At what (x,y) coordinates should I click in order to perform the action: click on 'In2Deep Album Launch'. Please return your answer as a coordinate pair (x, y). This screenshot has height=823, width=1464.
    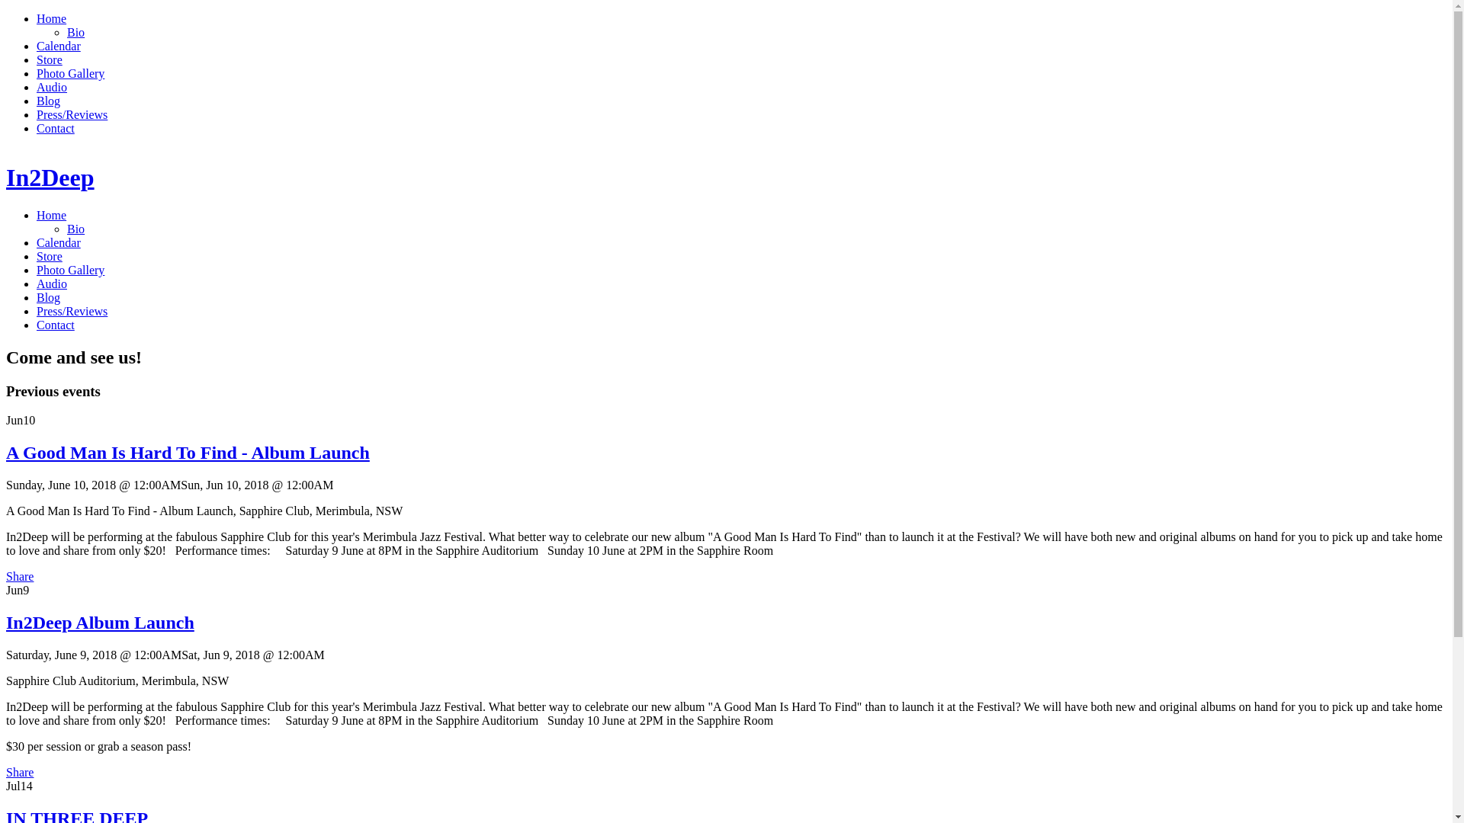
    Looking at the image, I should click on (99, 623).